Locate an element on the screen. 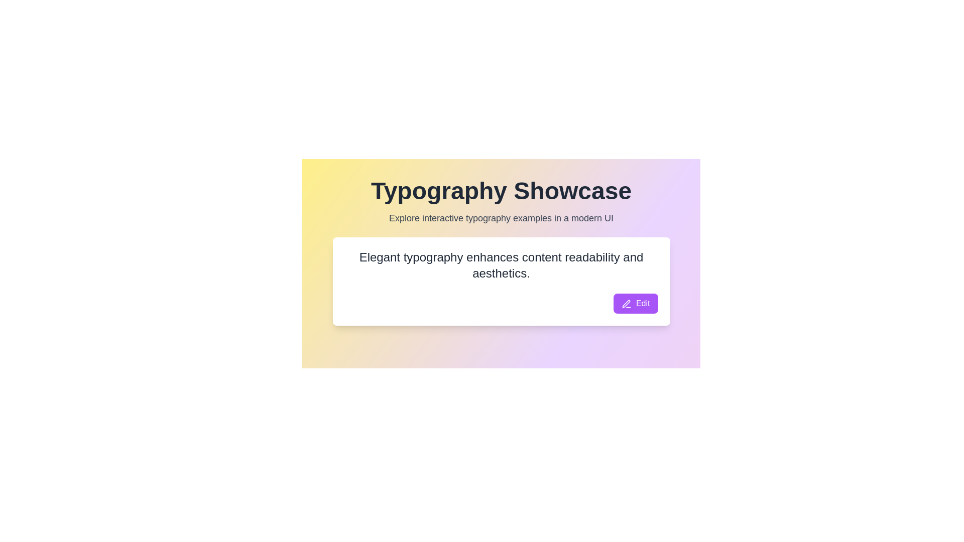 The image size is (964, 542). the small pen-like icon located to the left of the 'Edit' text in the purple button is located at coordinates (626, 303).